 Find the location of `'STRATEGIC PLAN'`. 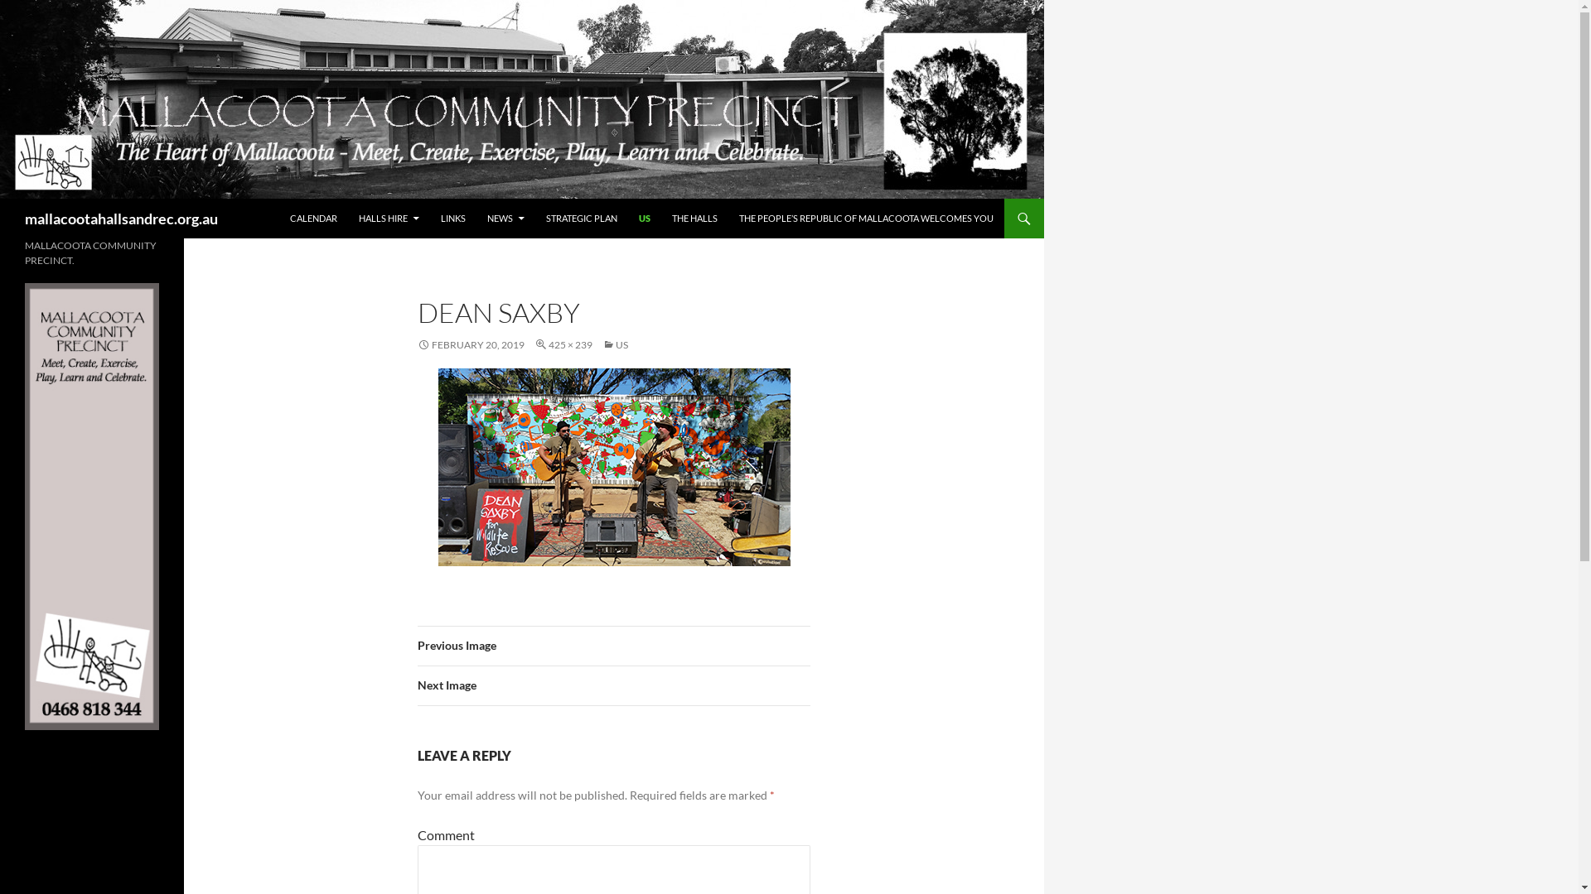

'STRATEGIC PLAN' is located at coordinates (581, 217).